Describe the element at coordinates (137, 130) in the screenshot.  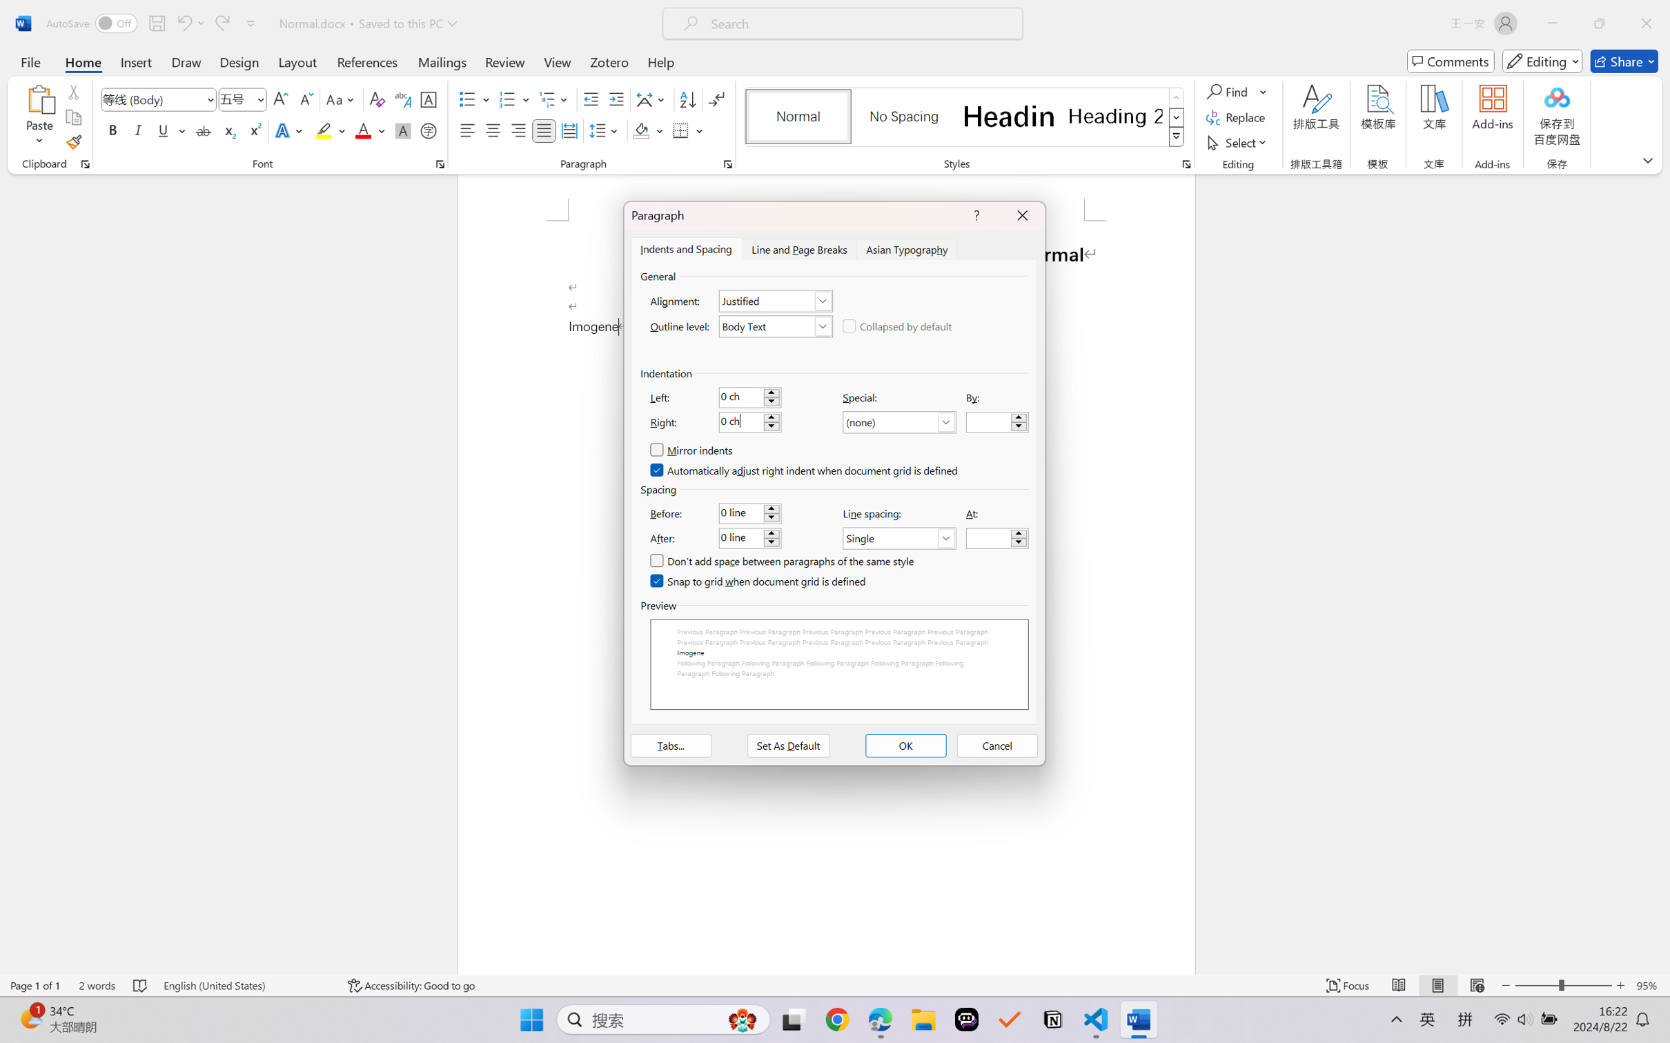
I see `'Italic'` at that location.